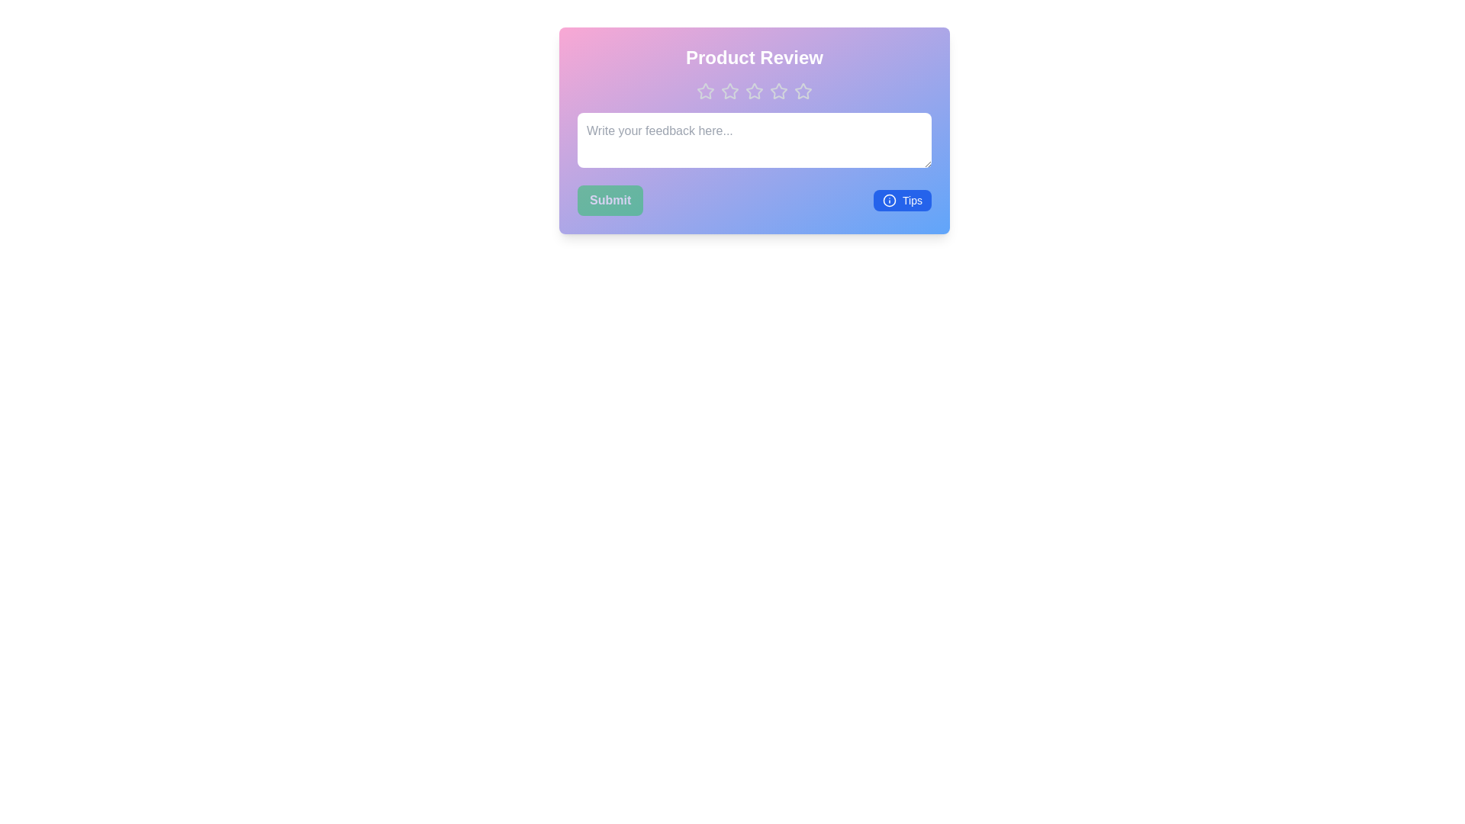 Image resolution: width=1465 pixels, height=824 pixels. Describe the element at coordinates (754, 140) in the screenshot. I see `the text area and type the feedback text` at that location.